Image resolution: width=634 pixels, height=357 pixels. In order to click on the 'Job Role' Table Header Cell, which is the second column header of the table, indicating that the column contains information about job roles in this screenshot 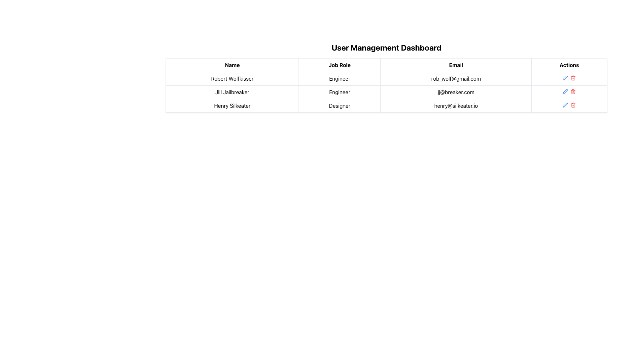, I will do `click(339, 65)`.